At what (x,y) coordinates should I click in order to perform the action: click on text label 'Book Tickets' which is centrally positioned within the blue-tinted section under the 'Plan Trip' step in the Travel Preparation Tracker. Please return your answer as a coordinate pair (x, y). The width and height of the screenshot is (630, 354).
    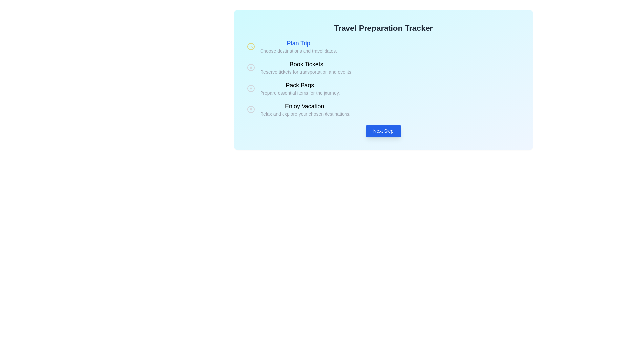
    Looking at the image, I should click on (306, 64).